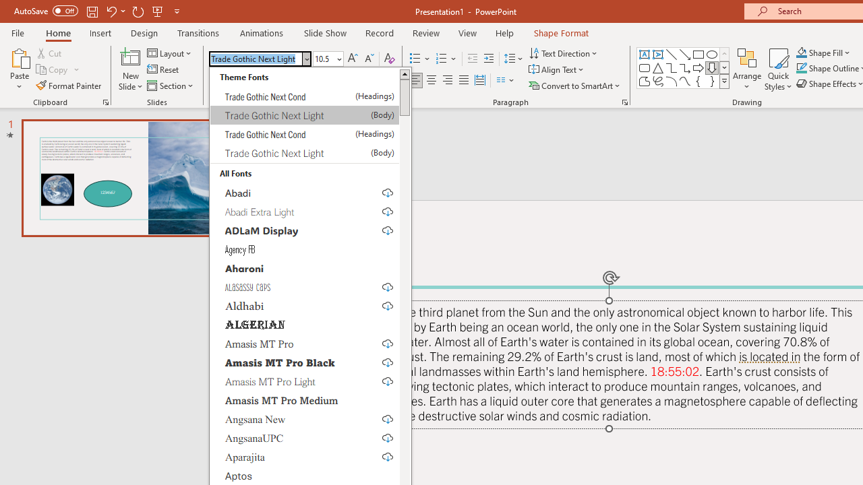 The width and height of the screenshot is (863, 485). I want to click on 'Connector: Elbow', so click(671, 67).